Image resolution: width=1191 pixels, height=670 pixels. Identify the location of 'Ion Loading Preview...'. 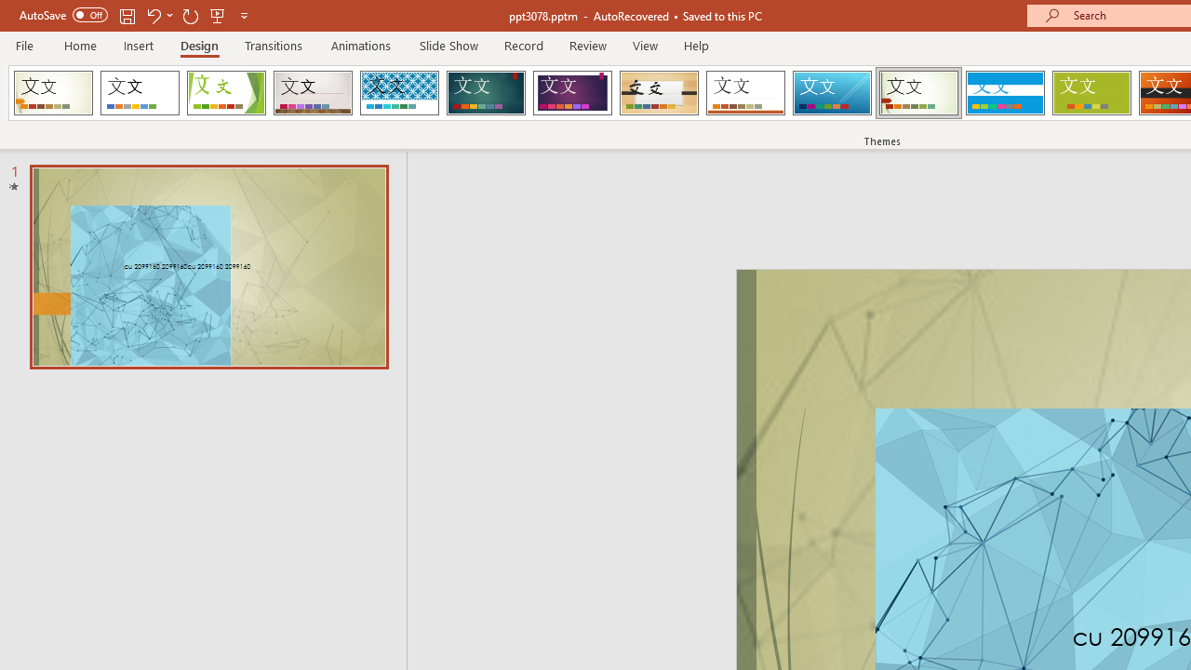
(486, 93).